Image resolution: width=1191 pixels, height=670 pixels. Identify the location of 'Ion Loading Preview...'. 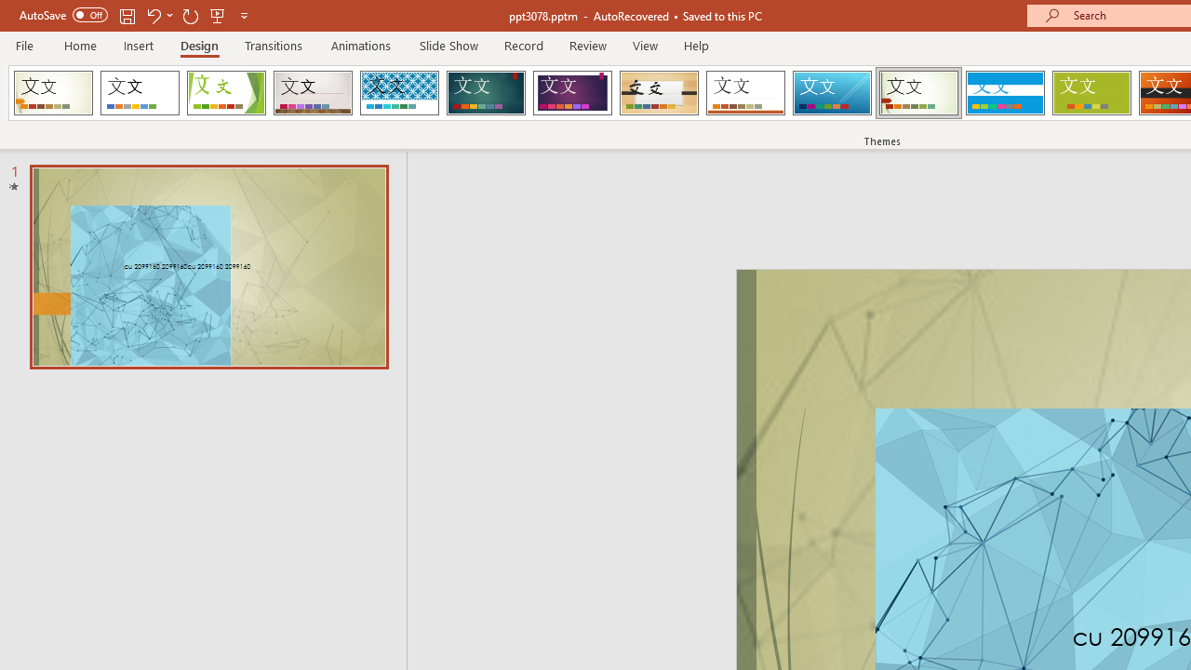
(486, 93).